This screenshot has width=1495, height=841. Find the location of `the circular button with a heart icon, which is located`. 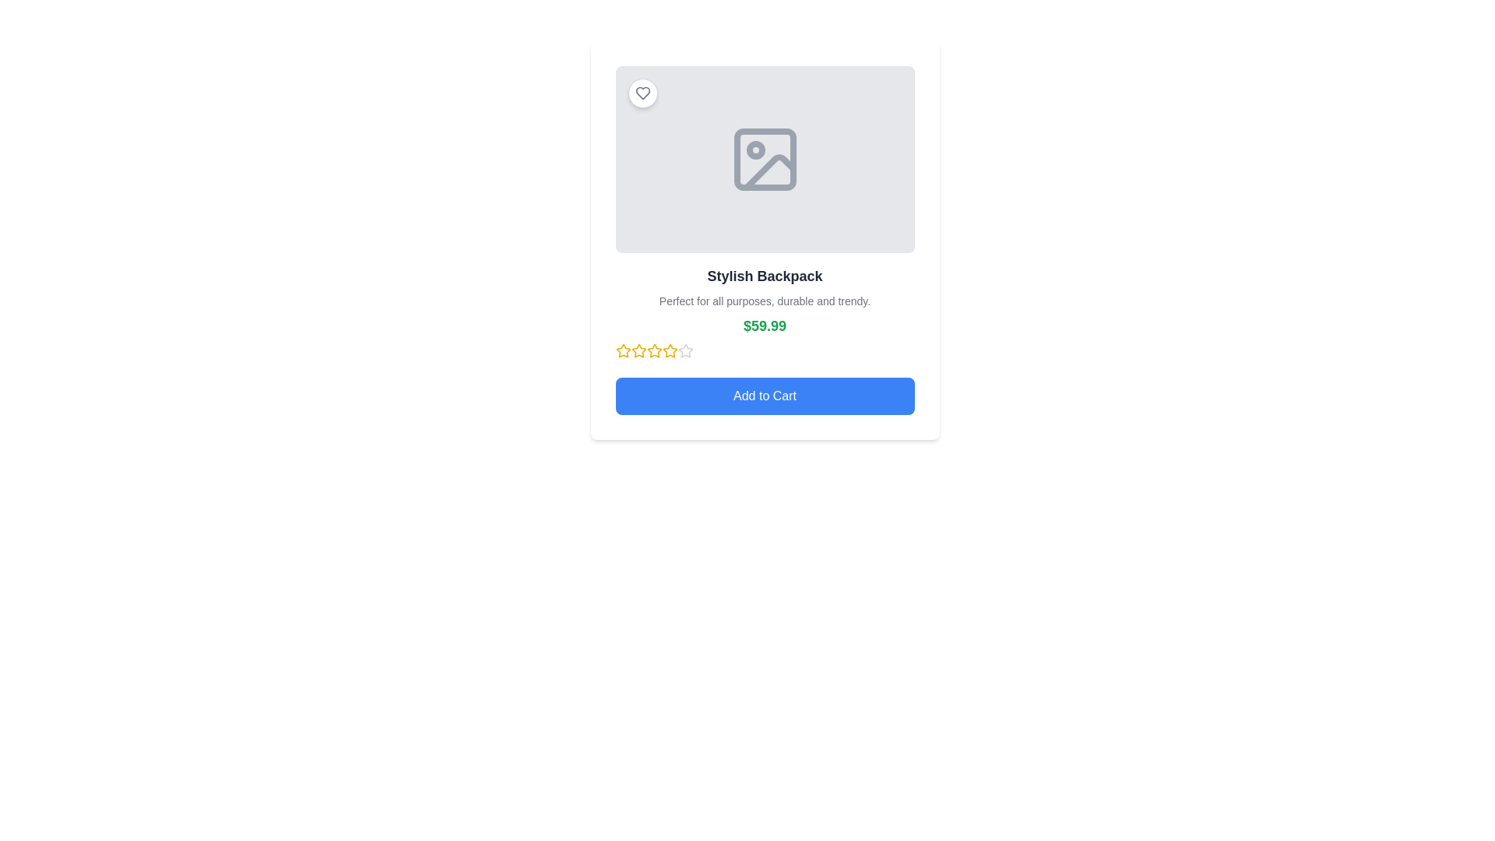

the circular button with a heart icon, which is located is located at coordinates (642, 93).